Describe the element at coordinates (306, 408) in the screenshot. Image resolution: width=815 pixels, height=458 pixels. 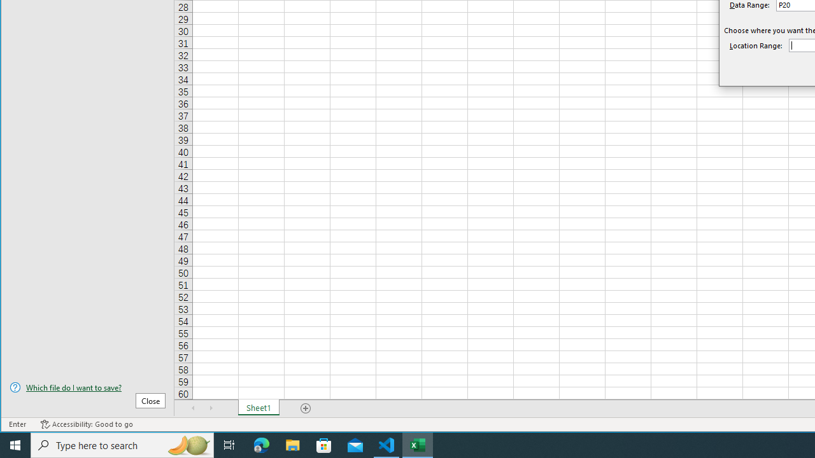
I see `'Add Sheet'` at that location.